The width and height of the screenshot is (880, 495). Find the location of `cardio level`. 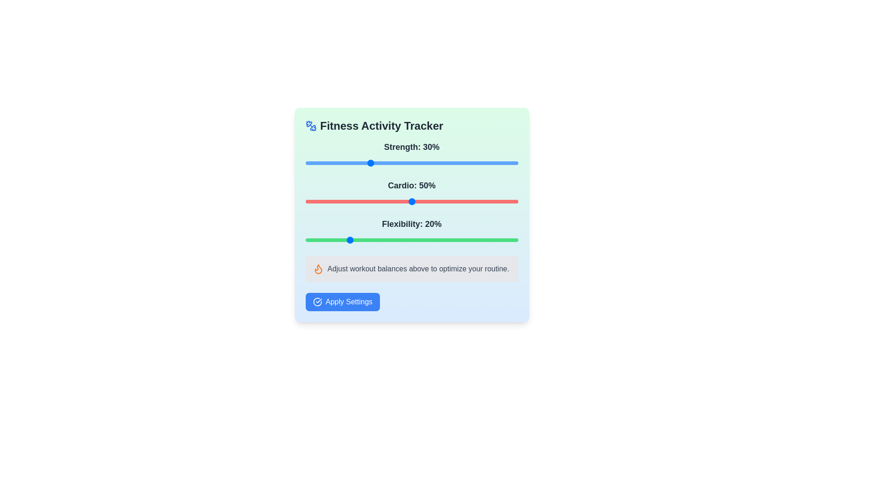

cardio level is located at coordinates (347, 201).